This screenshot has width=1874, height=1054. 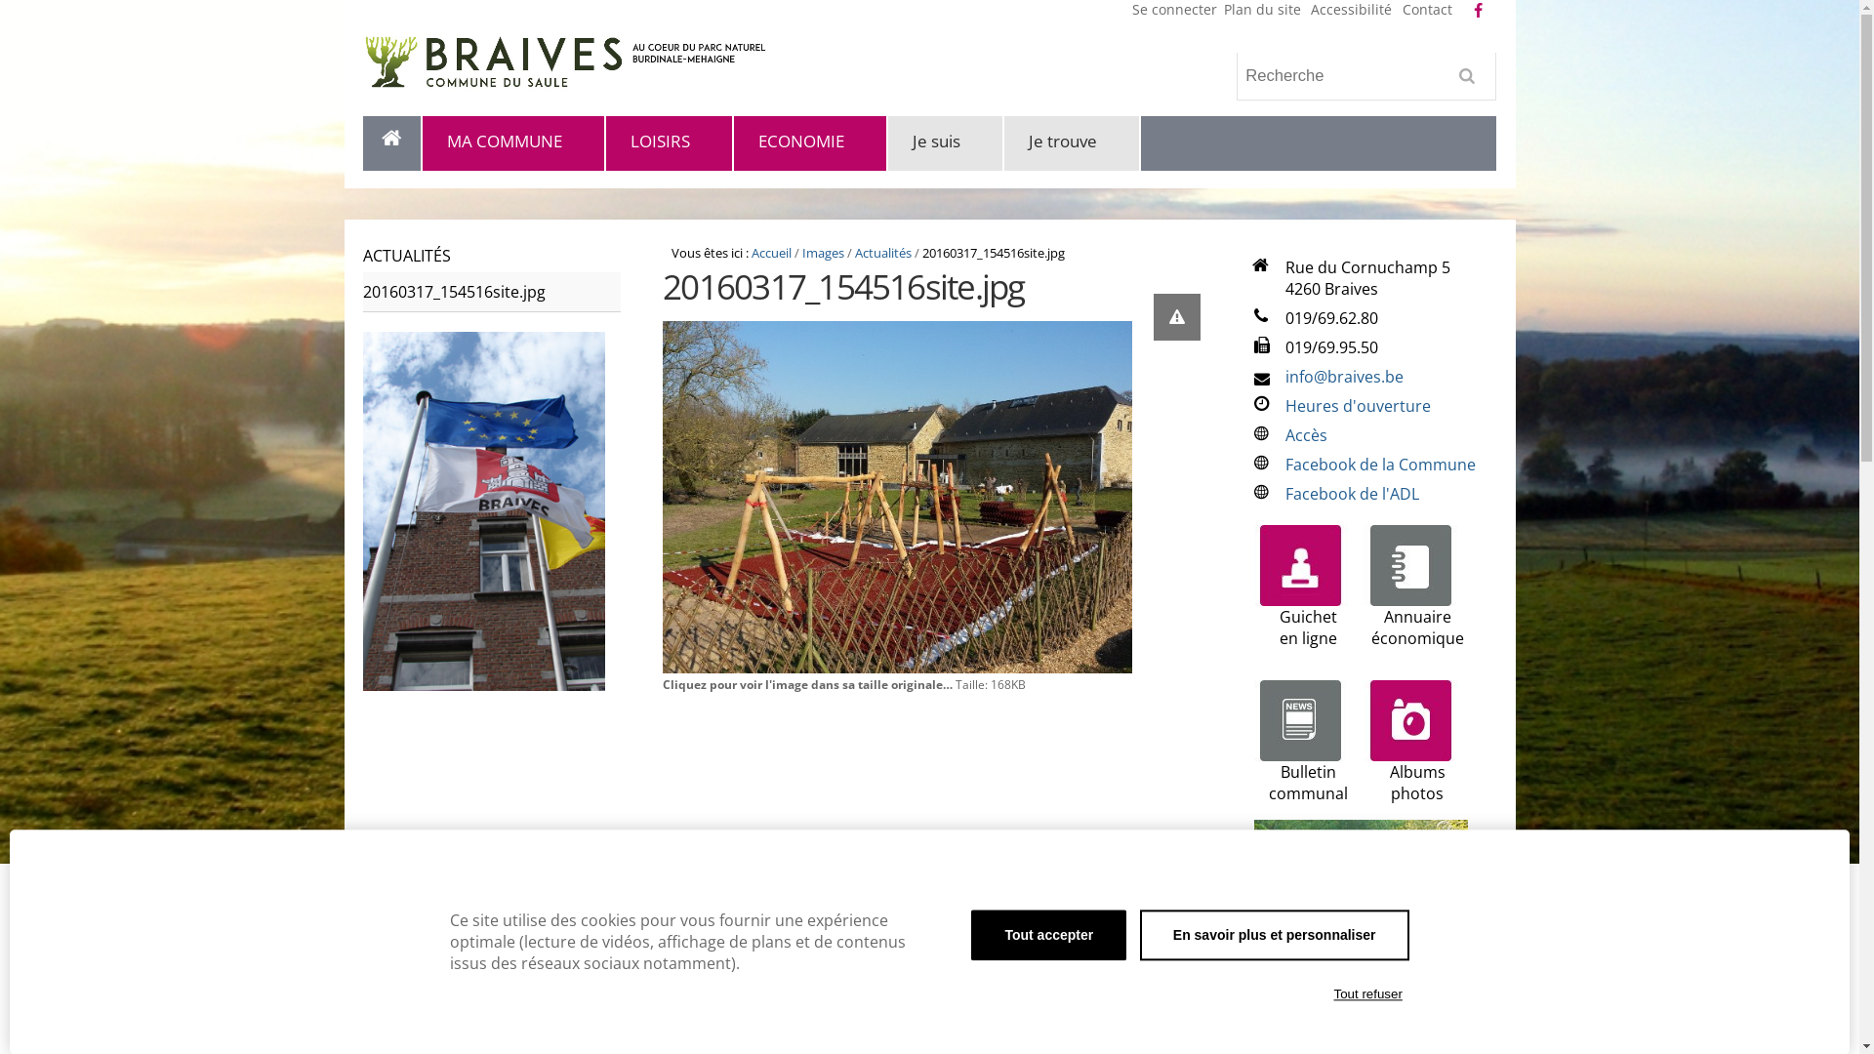 I want to click on 'Recherche', so click(x=1365, y=75).